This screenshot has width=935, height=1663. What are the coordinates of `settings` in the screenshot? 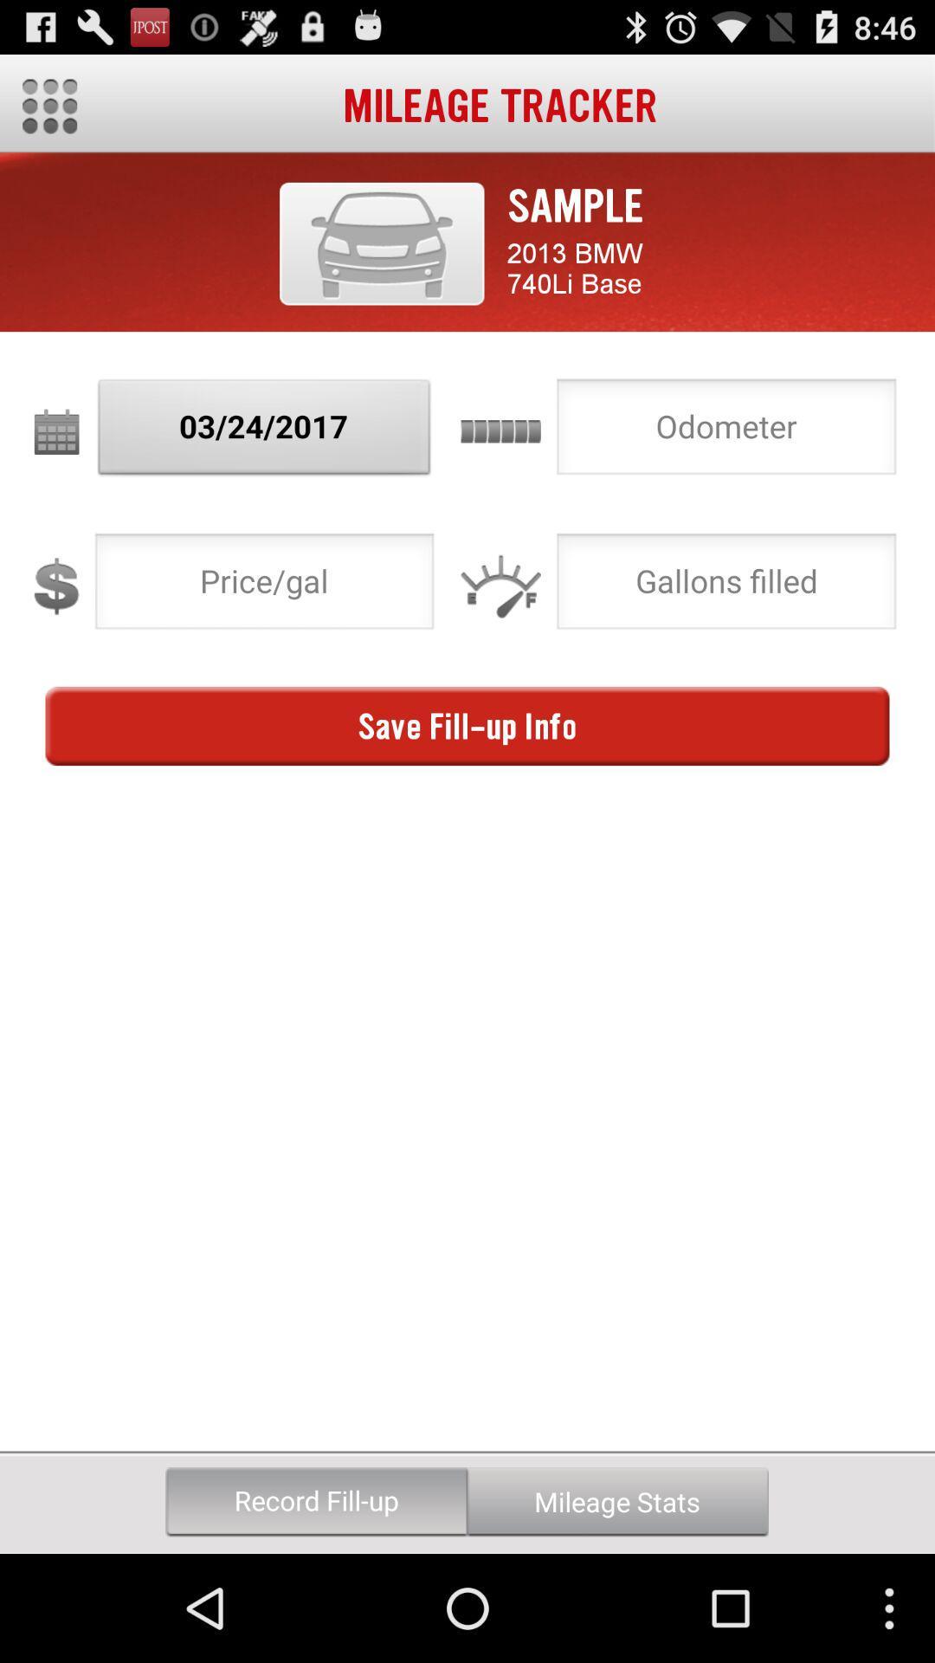 It's located at (48, 106).